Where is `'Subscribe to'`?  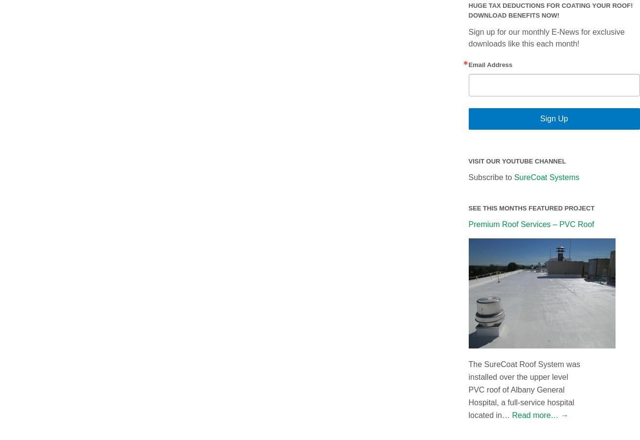 'Subscribe to' is located at coordinates (491, 176).